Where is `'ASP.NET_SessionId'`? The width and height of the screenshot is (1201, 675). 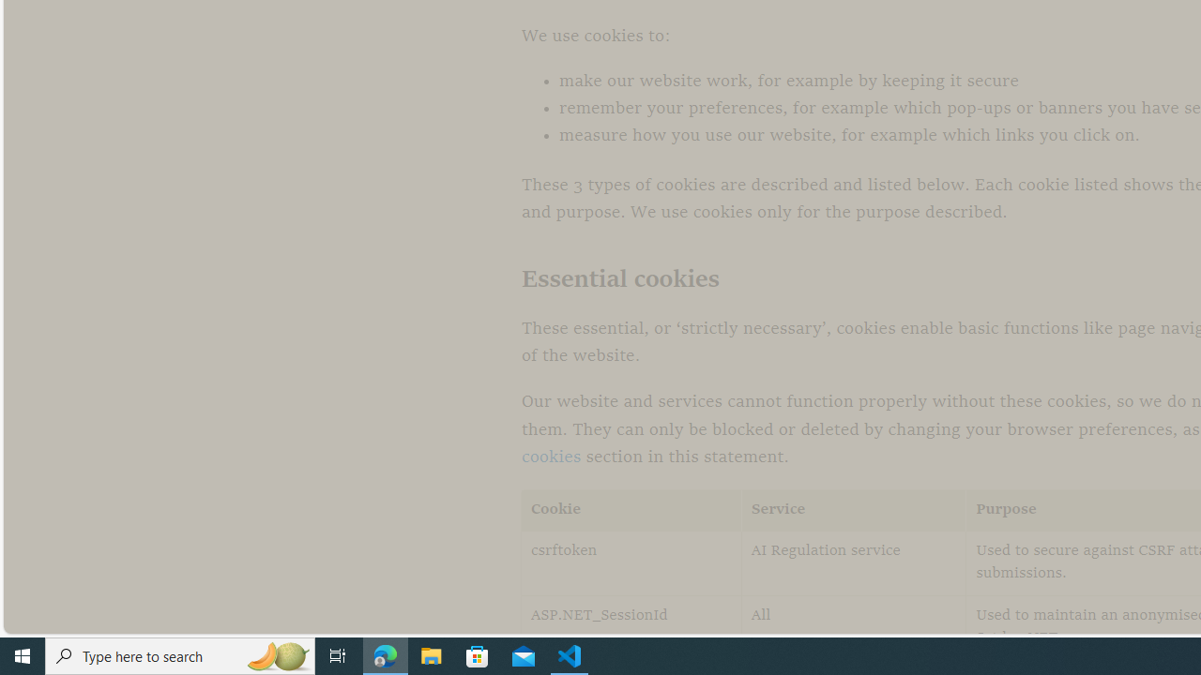 'ASP.NET_SessionId' is located at coordinates (631, 627).